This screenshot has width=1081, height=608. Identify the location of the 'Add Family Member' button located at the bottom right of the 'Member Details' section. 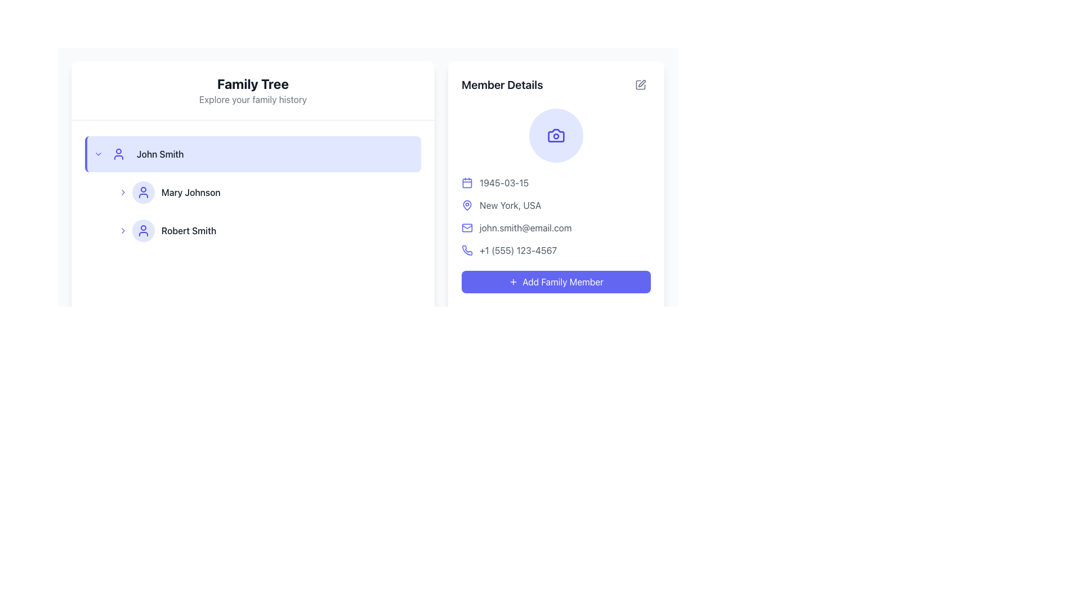
(556, 281).